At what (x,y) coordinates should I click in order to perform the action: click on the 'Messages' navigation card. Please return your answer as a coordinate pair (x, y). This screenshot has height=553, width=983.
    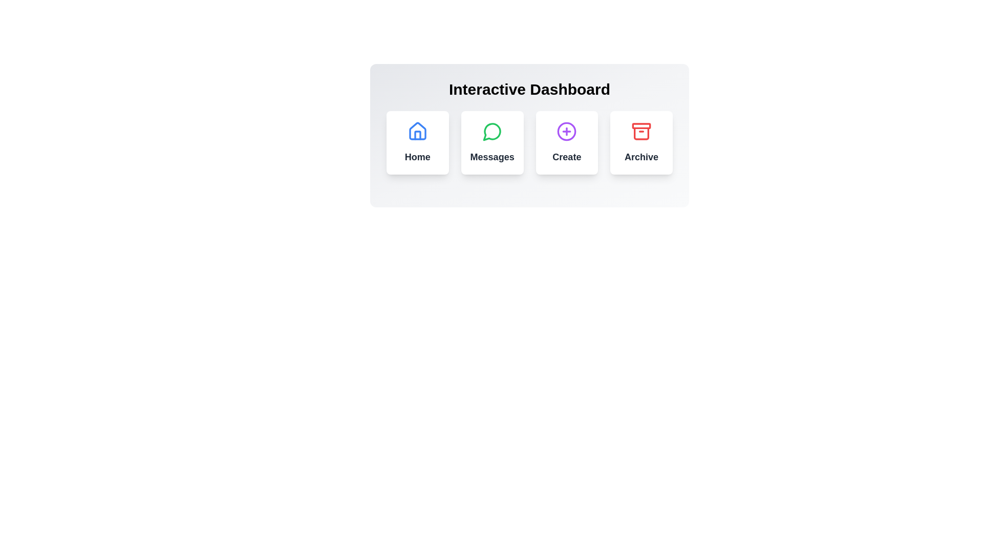
    Looking at the image, I should click on (492, 142).